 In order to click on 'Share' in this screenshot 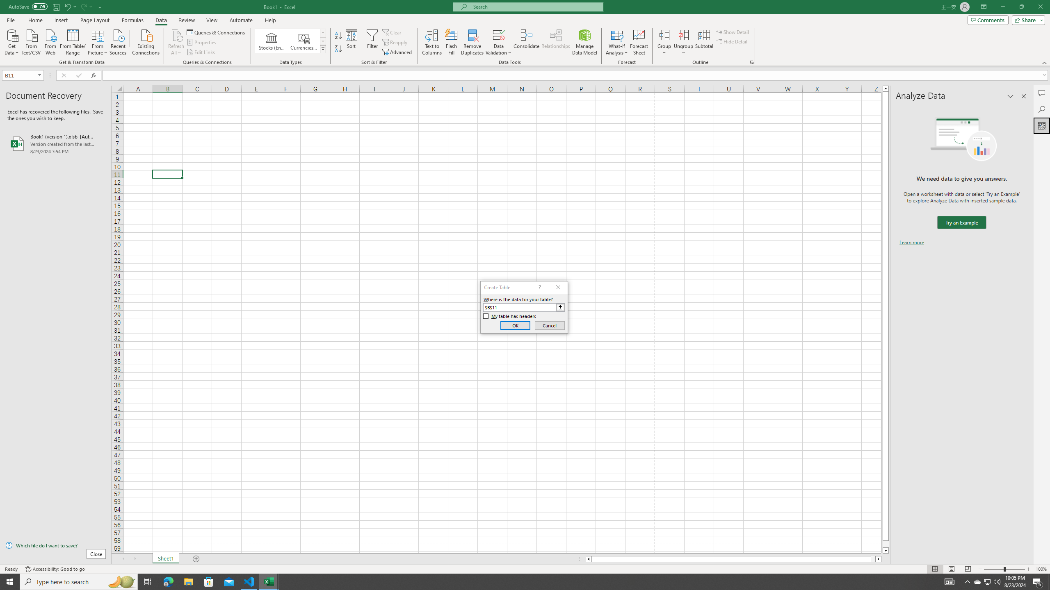, I will do `click(1026, 19)`.